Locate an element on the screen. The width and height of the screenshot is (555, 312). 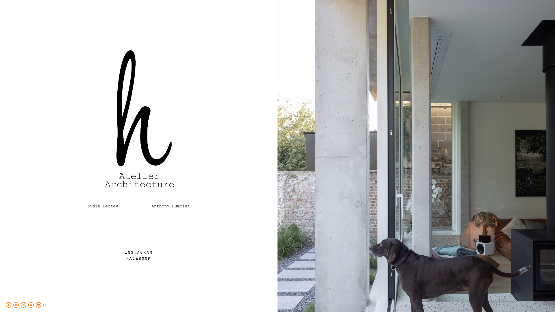
'INSTAGRAM' is located at coordinates (138, 252).